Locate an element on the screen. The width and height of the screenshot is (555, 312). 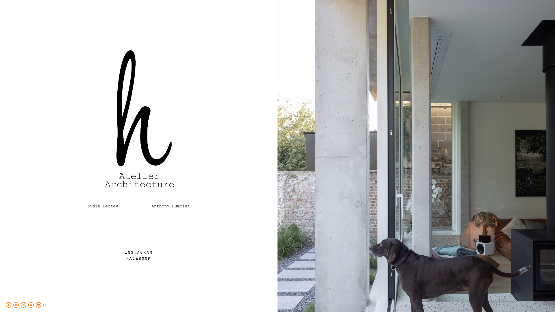
'INSTAGRAM' is located at coordinates (138, 252).